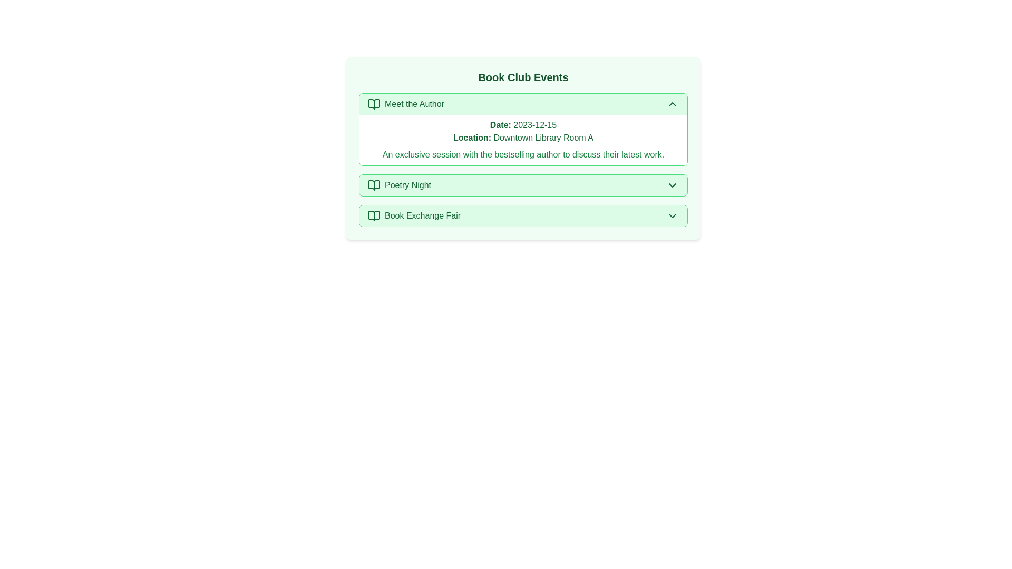 This screenshot has height=569, width=1012. Describe the element at coordinates (523, 215) in the screenshot. I see `'Book Exchange Fair' button located at the bottom of the 'Book Club Events' list by using developer tools` at that location.